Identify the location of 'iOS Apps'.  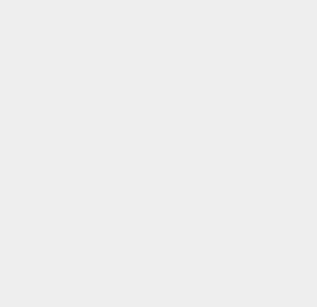
(232, 153).